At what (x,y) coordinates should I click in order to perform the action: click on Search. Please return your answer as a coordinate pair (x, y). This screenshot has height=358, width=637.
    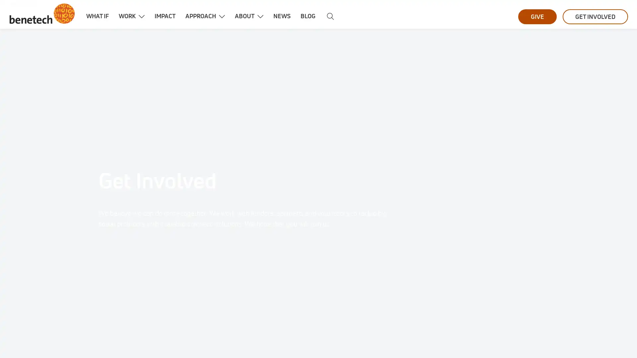
    Looking at the image, I should click on (328, 16).